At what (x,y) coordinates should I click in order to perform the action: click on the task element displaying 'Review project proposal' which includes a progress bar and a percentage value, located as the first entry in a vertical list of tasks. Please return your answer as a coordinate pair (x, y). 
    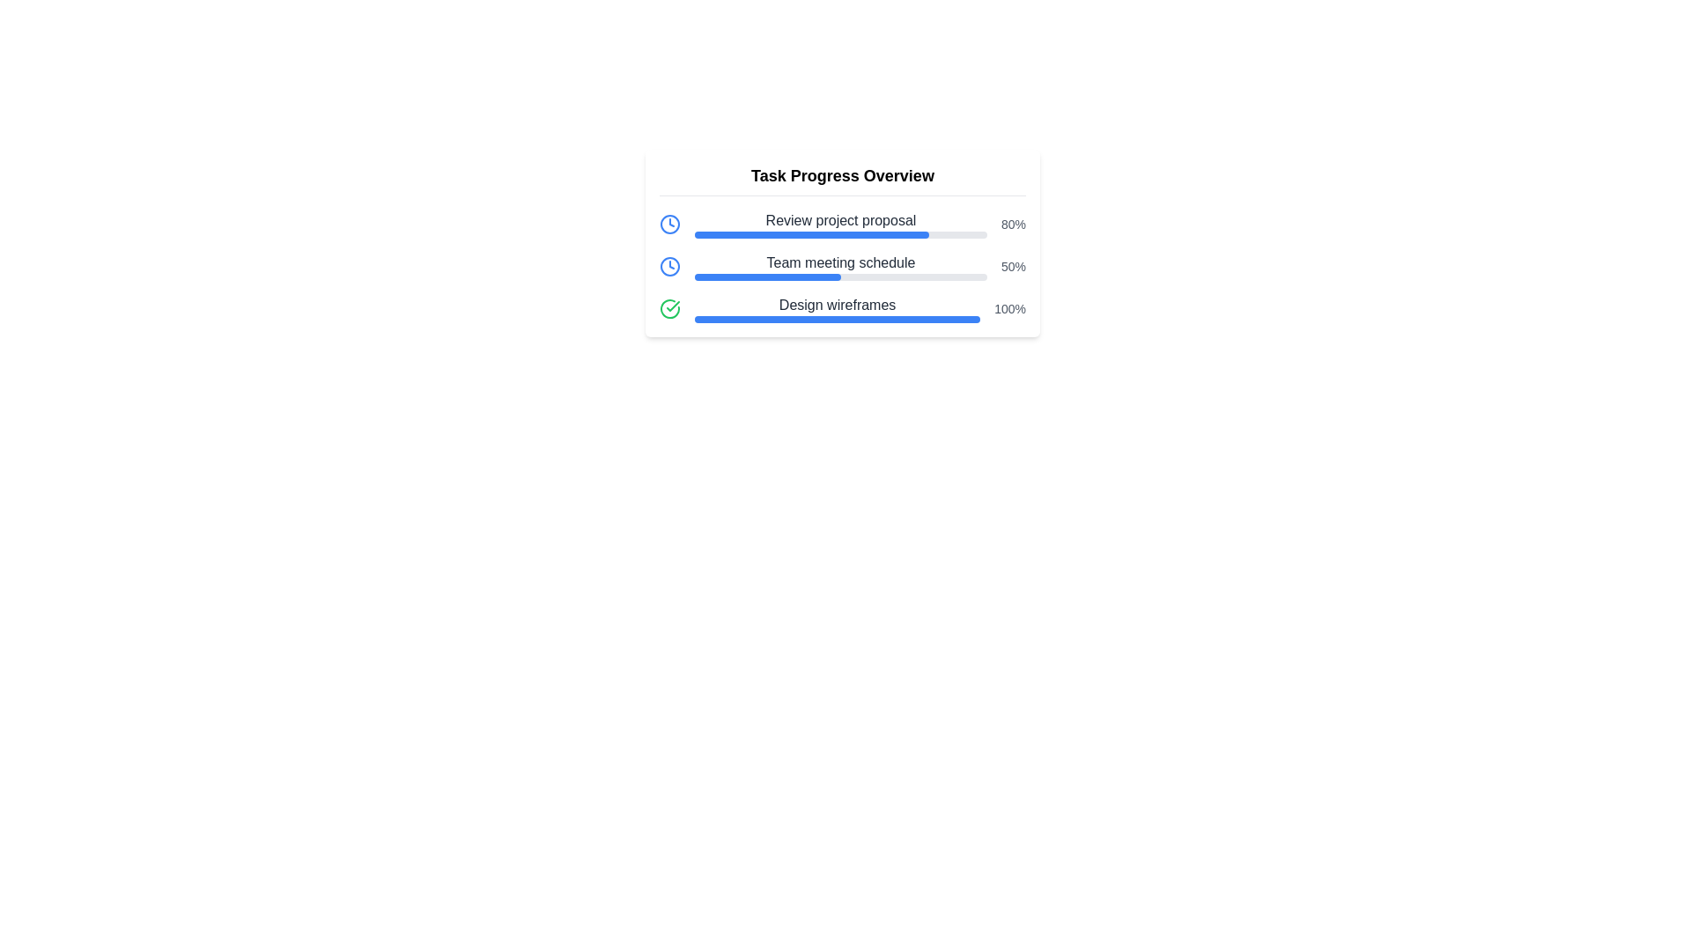
    Looking at the image, I should click on (840, 223).